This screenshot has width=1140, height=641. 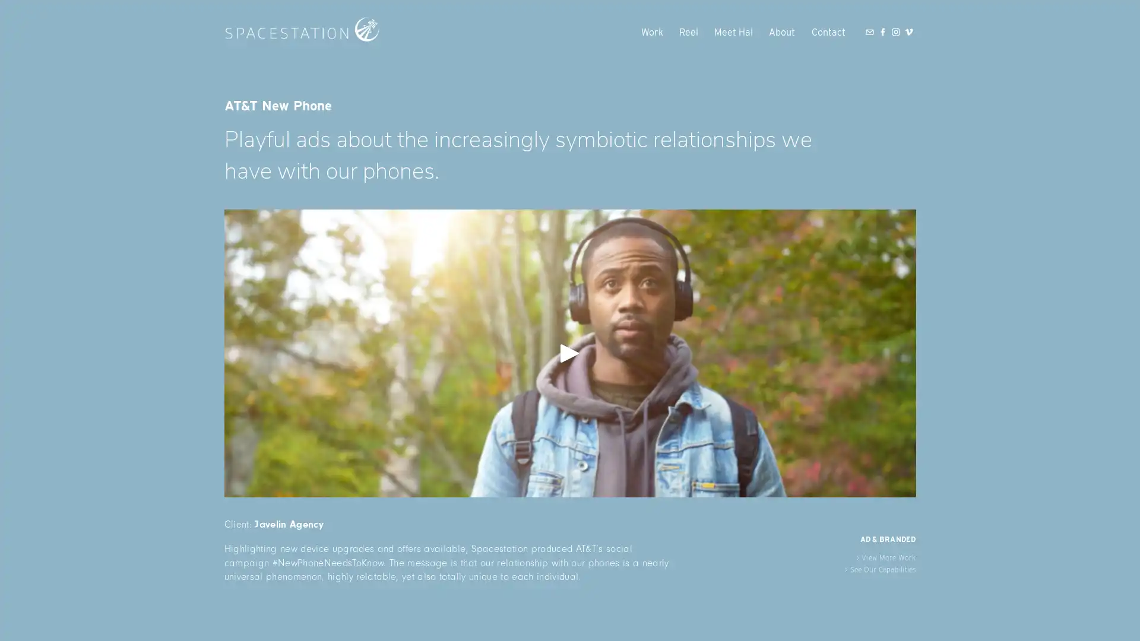 I want to click on View fullsize, so click(x=569, y=352).